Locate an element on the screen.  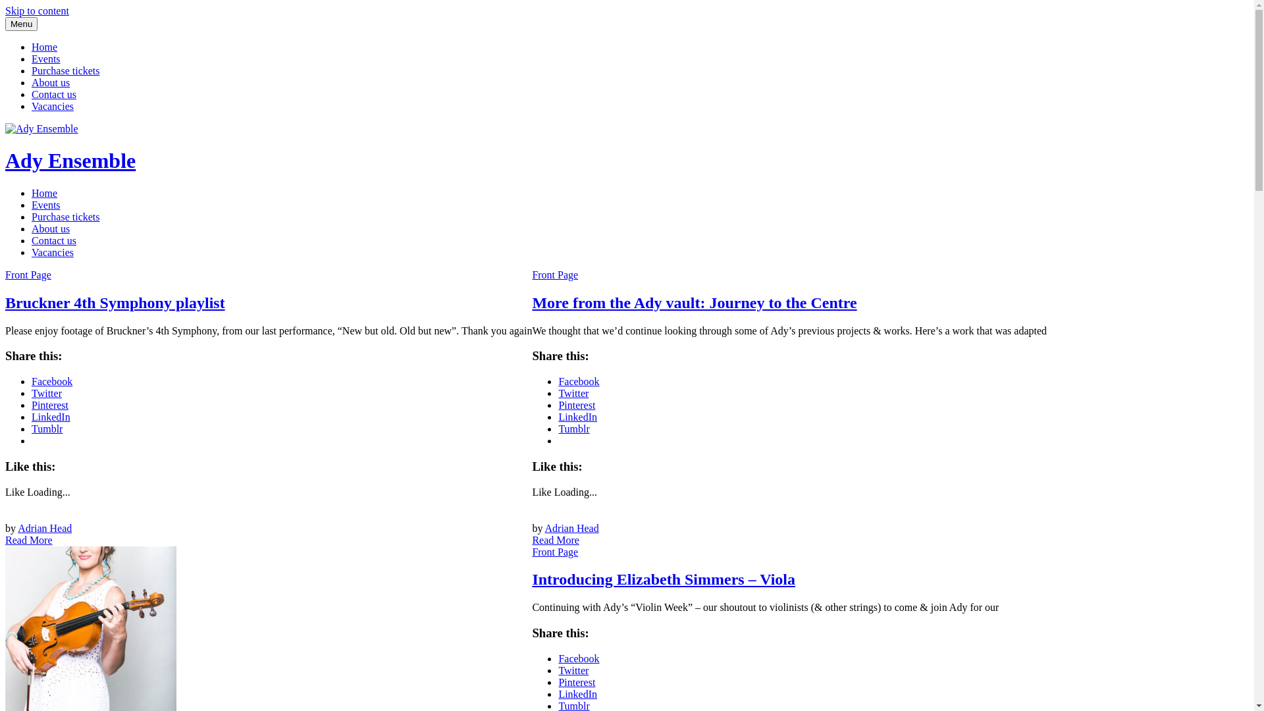
'Pinterest' is located at coordinates (576, 404).